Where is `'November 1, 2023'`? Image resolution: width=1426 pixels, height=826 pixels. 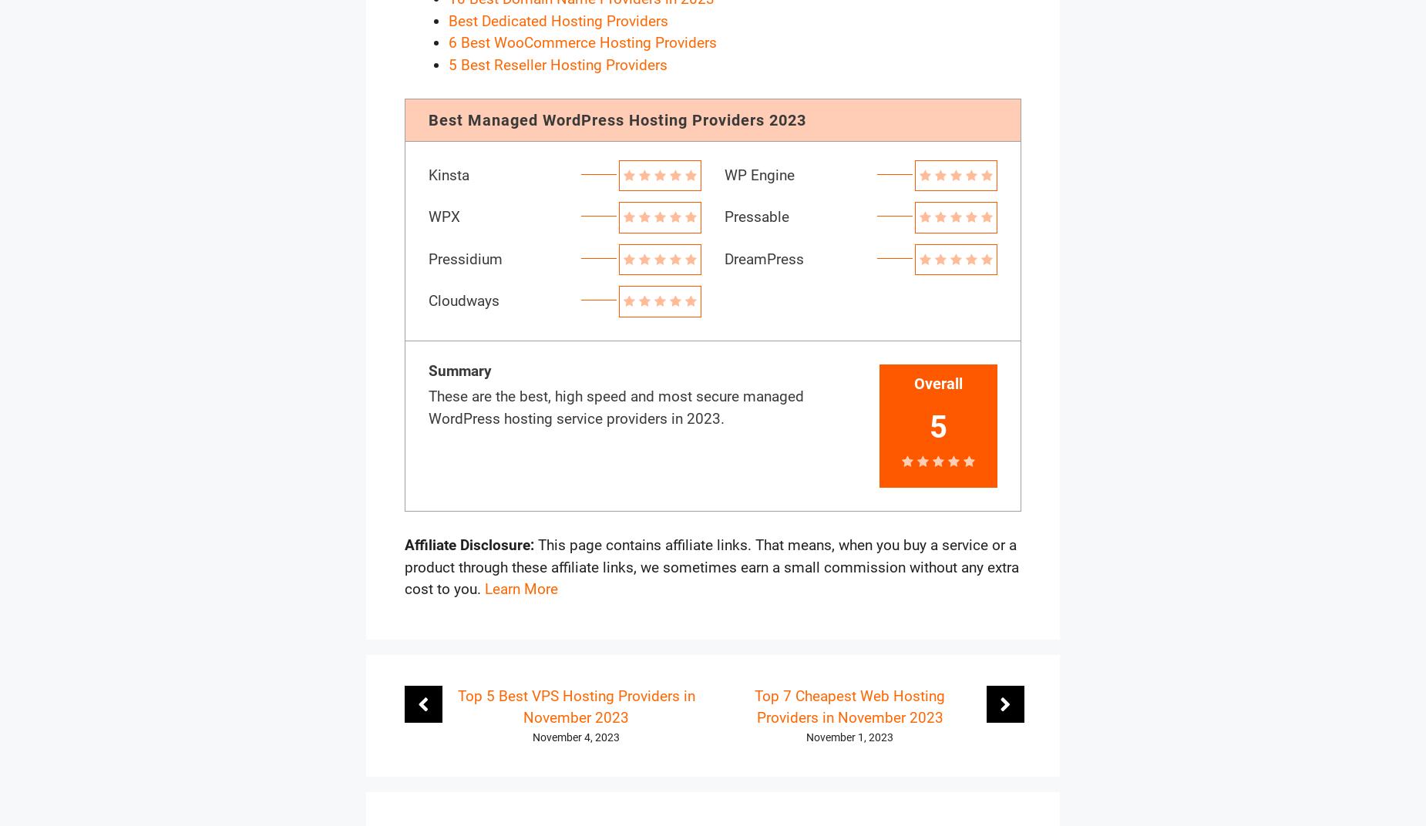
'November 1, 2023' is located at coordinates (849, 736).